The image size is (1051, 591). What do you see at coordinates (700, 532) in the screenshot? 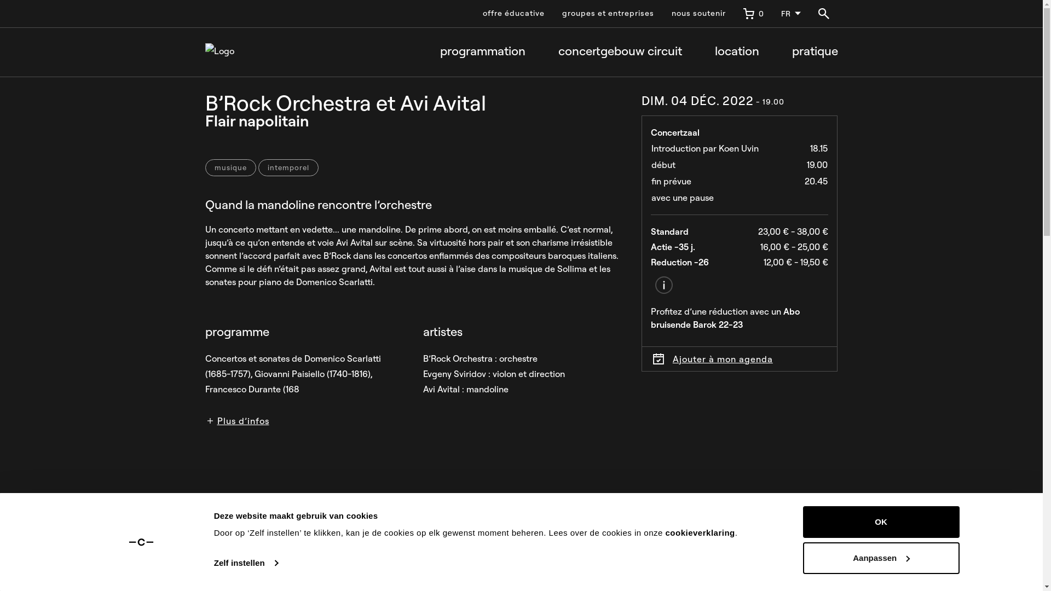
I see `'cookieverklaring'` at bounding box center [700, 532].